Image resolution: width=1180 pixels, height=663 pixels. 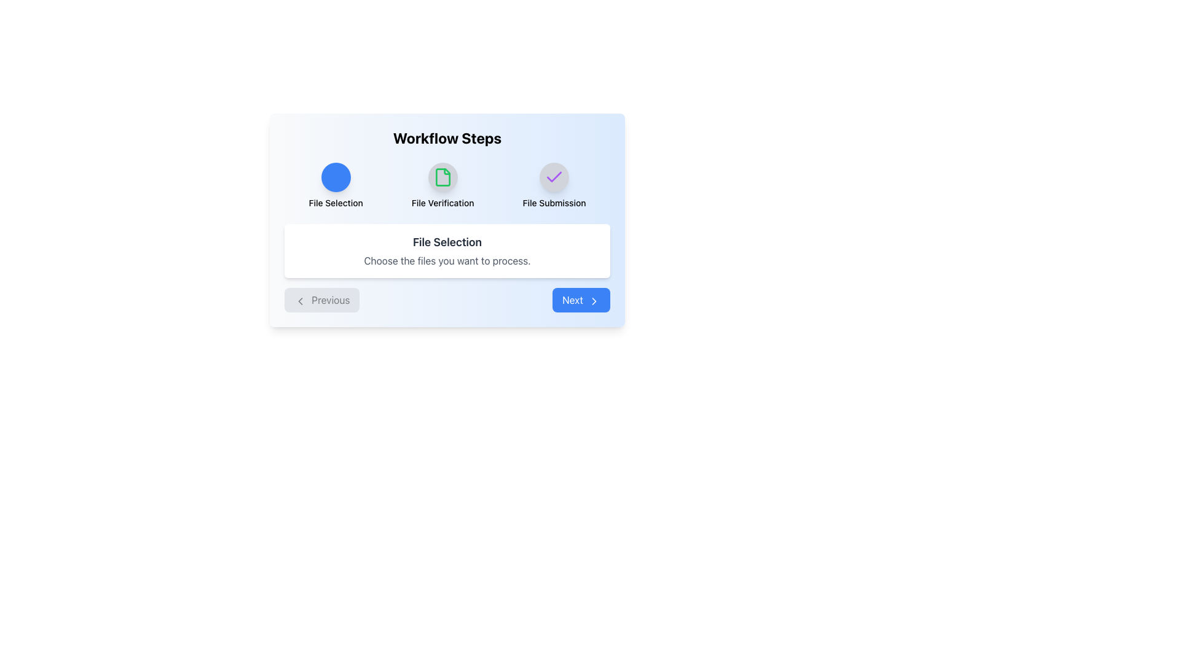 What do you see at coordinates (554, 177) in the screenshot?
I see `the state of the checkmark icon indicating completion in the 'File Submission' step located at the top right of the interface` at bounding box center [554, 177].